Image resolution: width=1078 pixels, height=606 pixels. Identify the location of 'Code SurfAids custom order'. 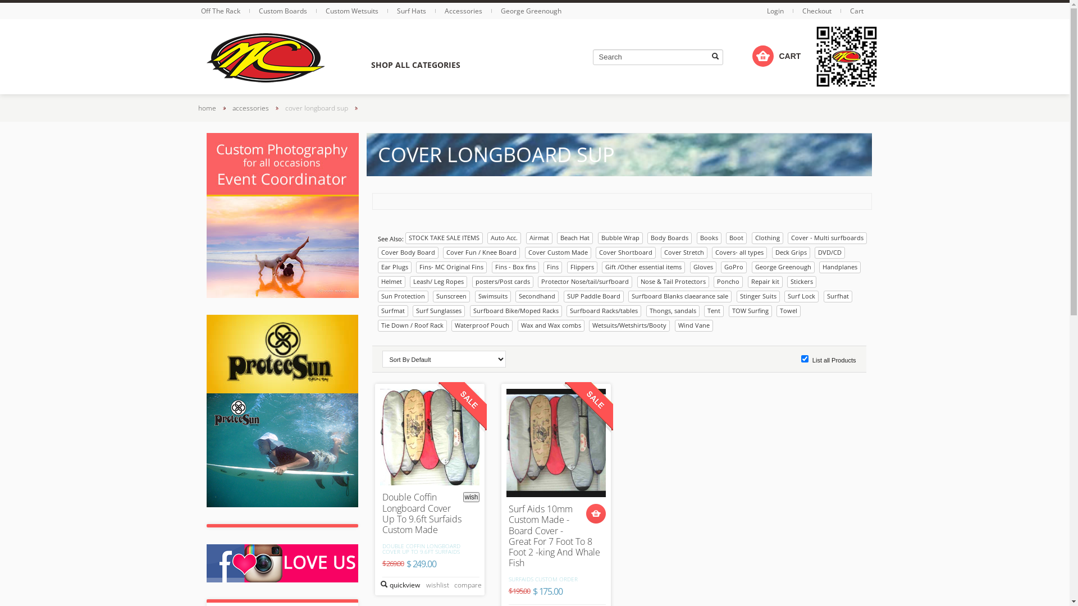
(506, 442).